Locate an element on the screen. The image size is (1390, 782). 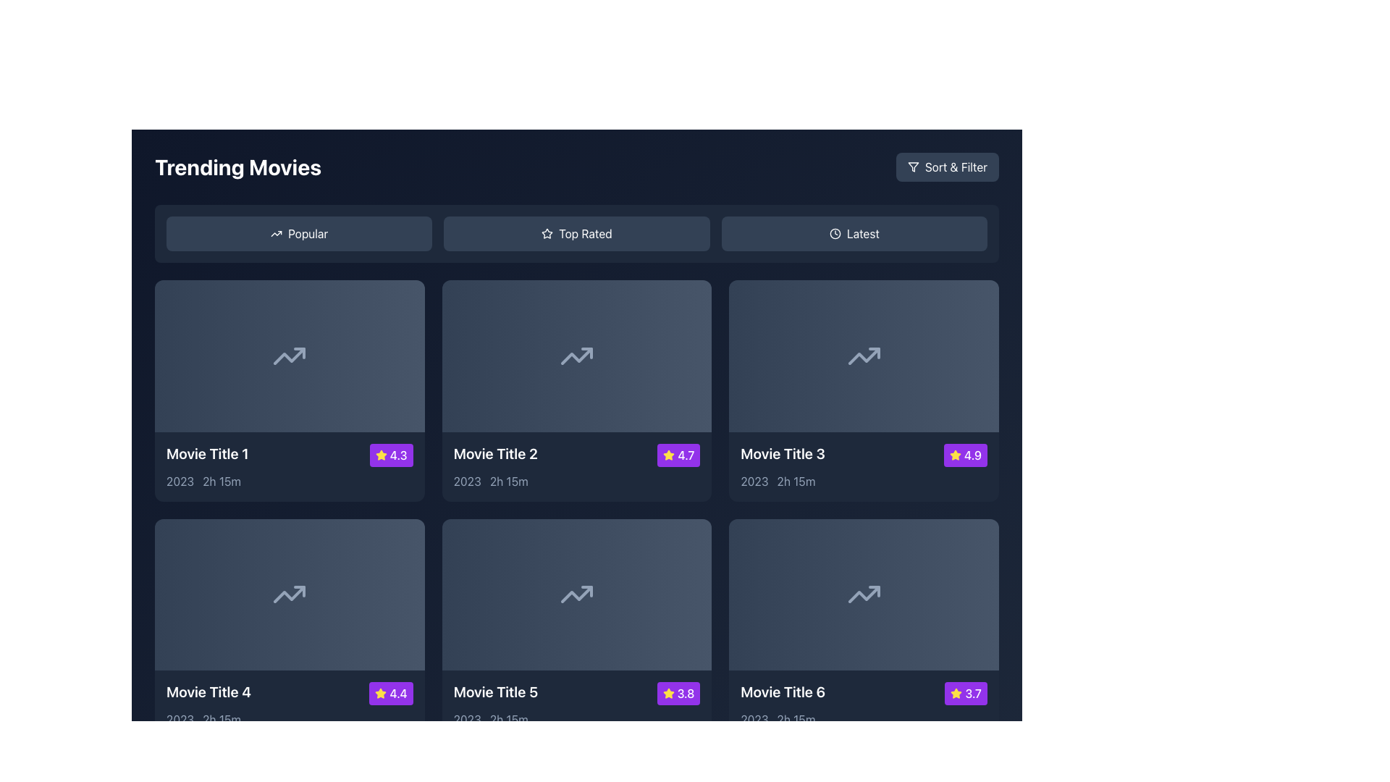
the text label displaying the release year '2023' for 'Movie Title 6' is located at coordinates (754, 720).